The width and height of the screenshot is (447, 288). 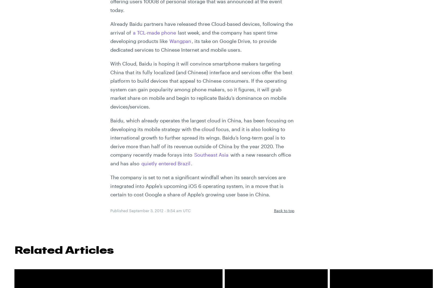 I want to click on 'Baidu, which already operates the largest cloud in China, has been focusing on developing its mobile strategy with the cloud focus, and it is also looking to international growth to further spread its wings. Baidu’s long-term goal is to derive more than half of its revenue outside of China by the year 2020. The company recently made forays into', so click(x=201, y=137).